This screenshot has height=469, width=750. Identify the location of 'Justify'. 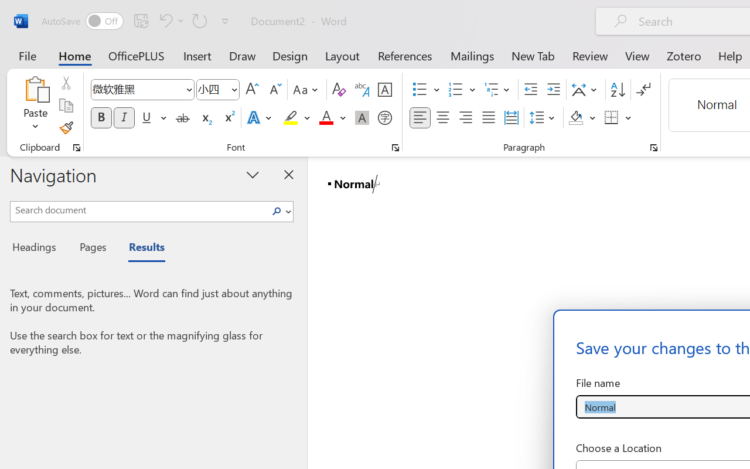
(489, 118).